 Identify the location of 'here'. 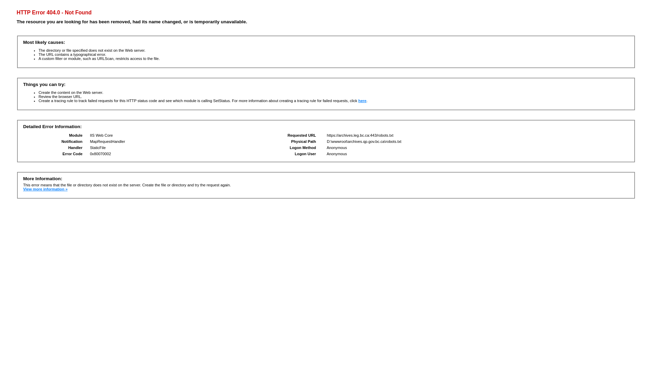
(362, 100).